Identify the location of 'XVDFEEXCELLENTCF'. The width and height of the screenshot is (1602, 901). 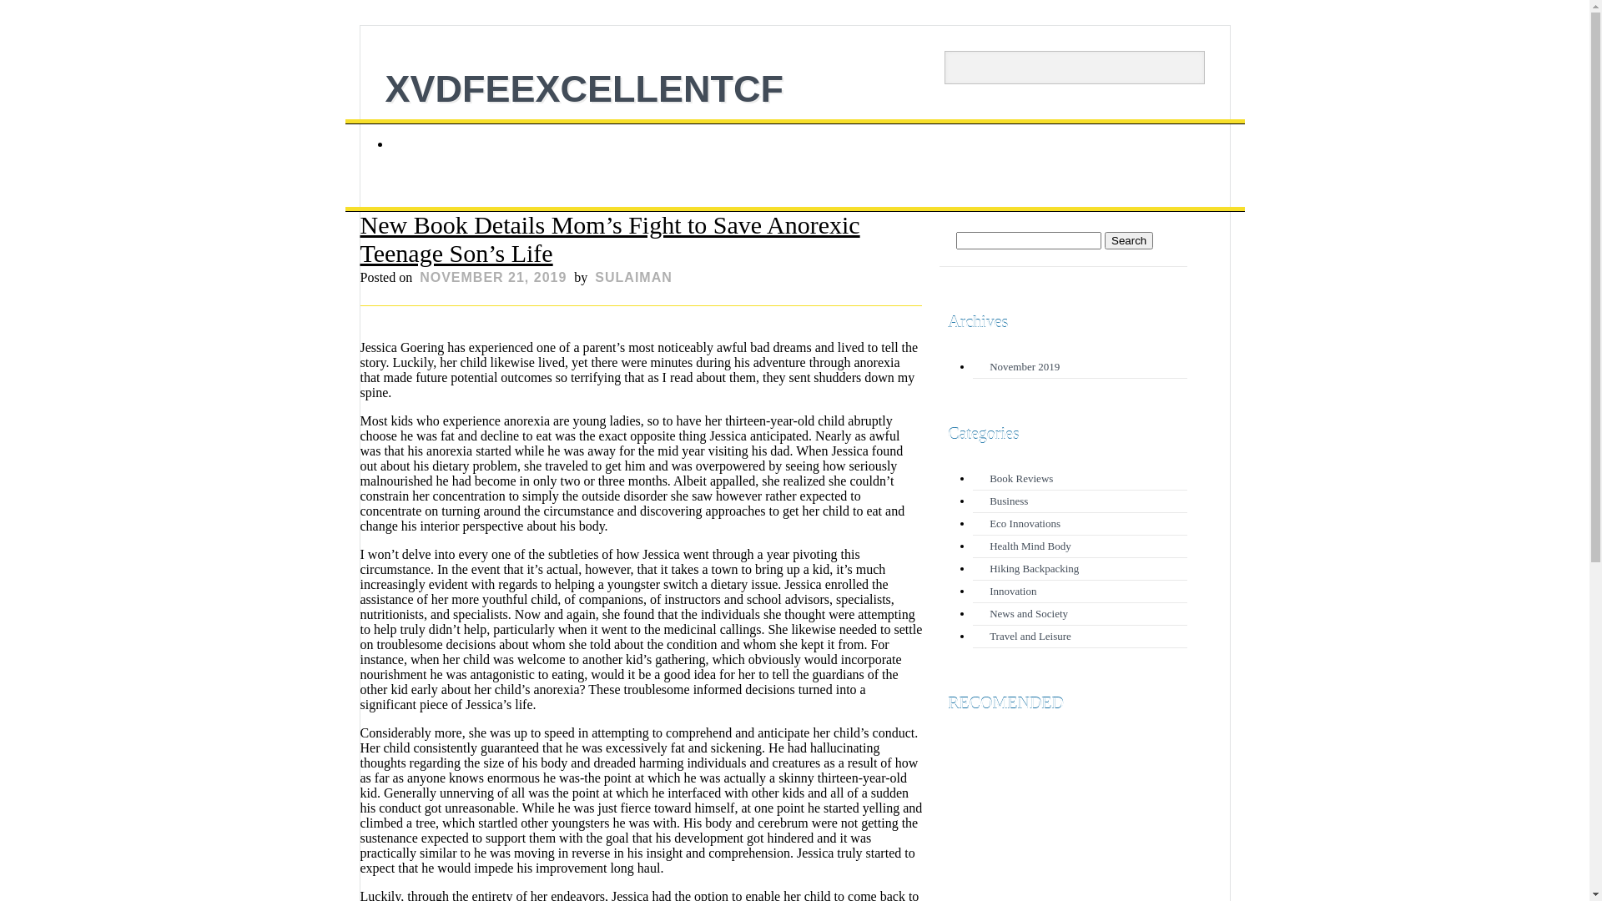
(584, 88).